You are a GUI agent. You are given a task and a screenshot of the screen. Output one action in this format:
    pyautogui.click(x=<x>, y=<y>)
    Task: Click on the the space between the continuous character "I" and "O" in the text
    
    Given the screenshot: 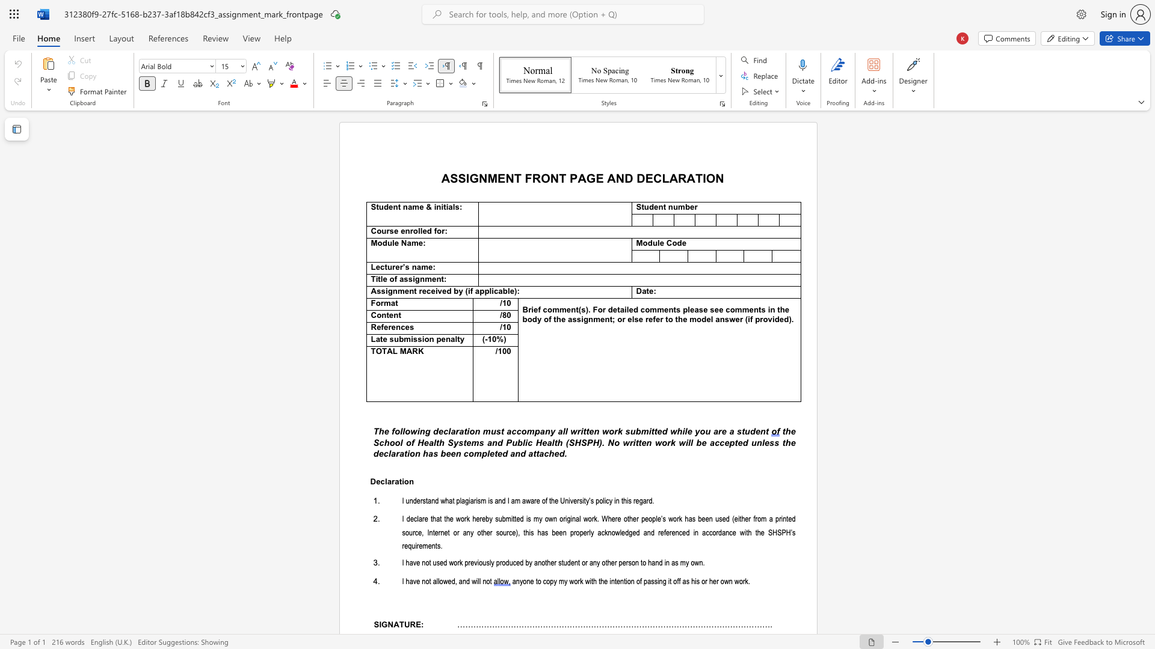 What is the action you would take?
    pyautogui.click(x=707, y=178)
    